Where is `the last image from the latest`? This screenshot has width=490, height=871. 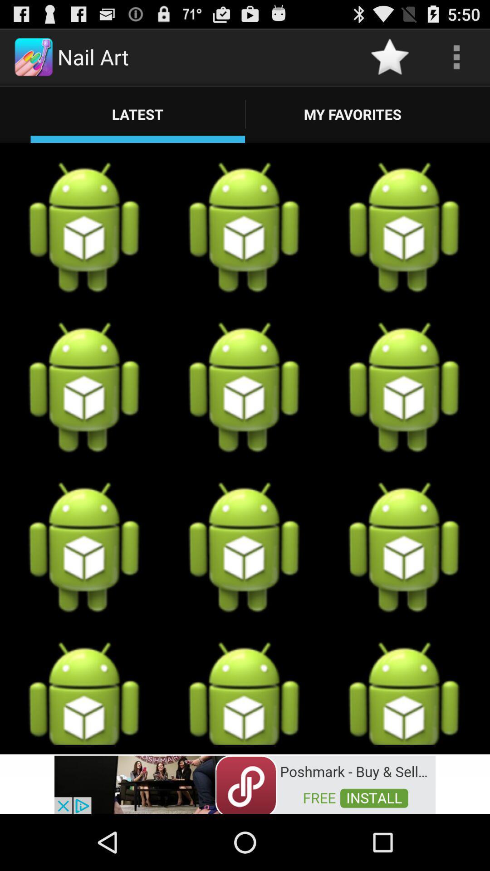
the last image from the latest is located at coordinates (404, 693).